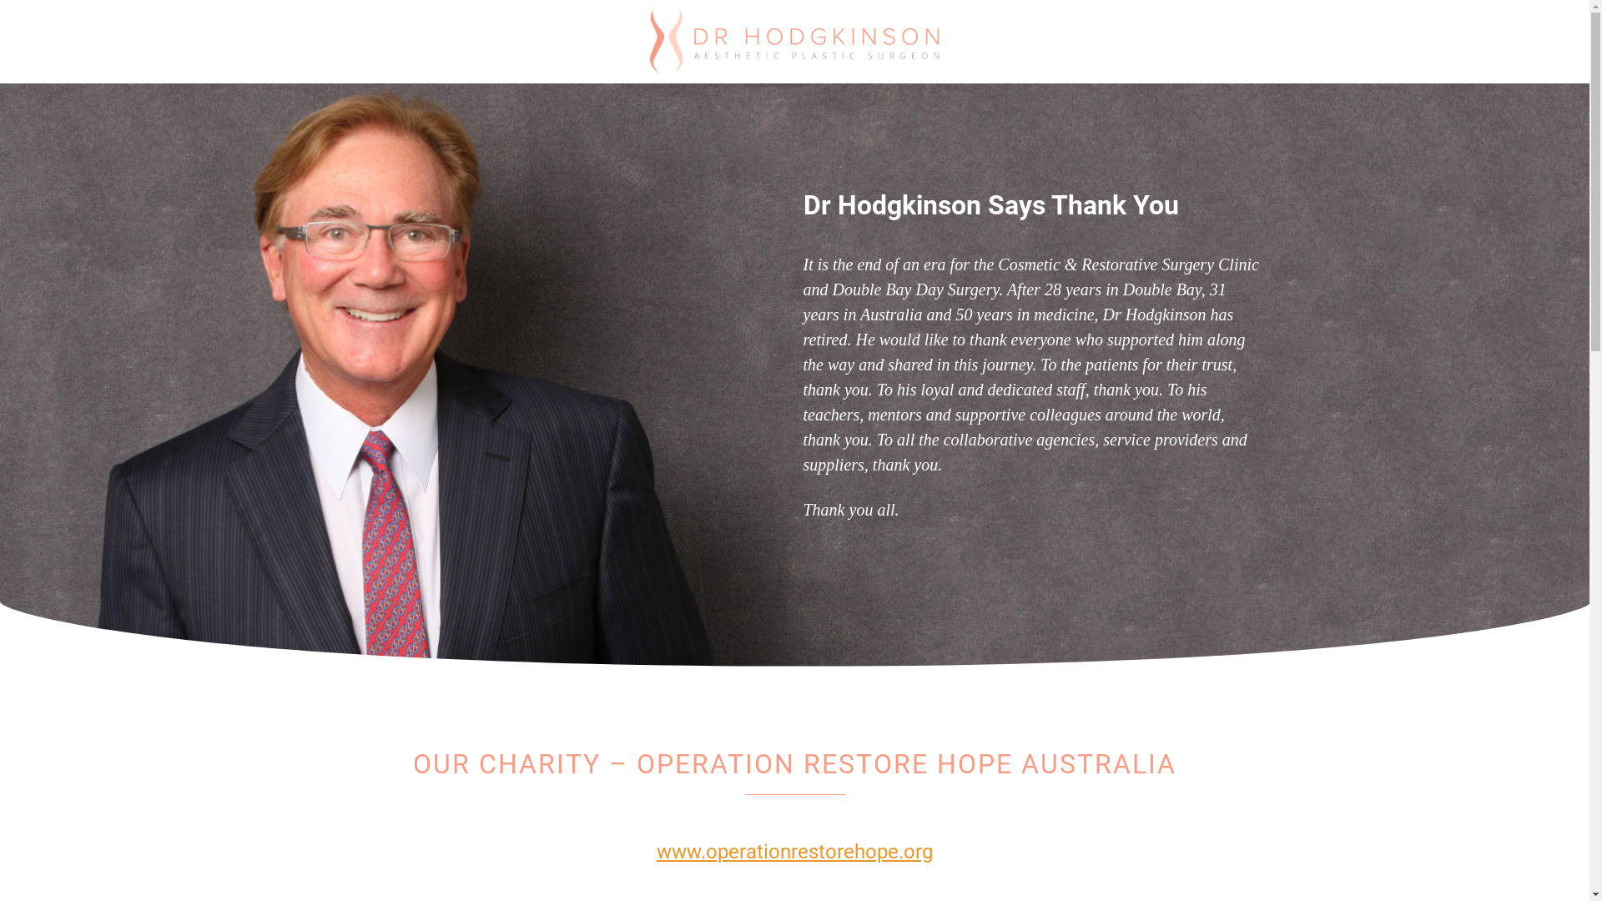 The image size is (1602, 901). What do you see at coordinates (793, 852) in the screenshot?
I see `'www.operationrestorehope.org'` at bounding box center [793, 852].